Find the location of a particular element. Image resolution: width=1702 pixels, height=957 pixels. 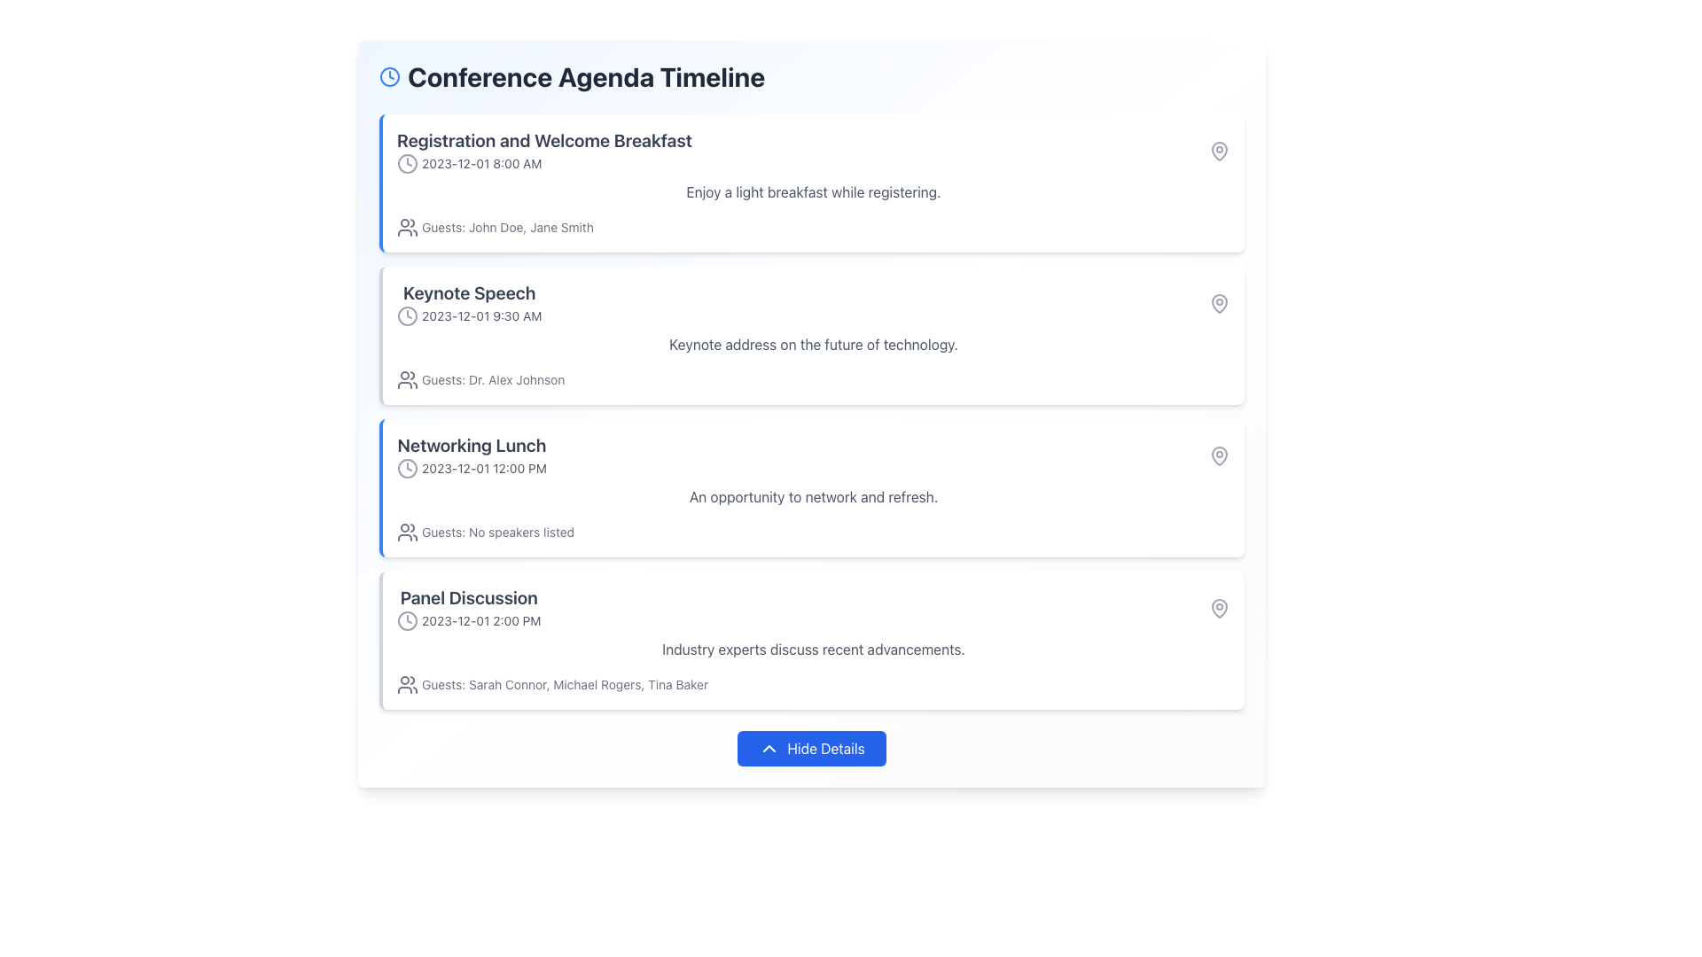

the clock icon located in the 'Panel Discussion' section, which is situated to the left of the timestamp '2023-12-01 2:00 PM' is located at coordinates (407, 620).